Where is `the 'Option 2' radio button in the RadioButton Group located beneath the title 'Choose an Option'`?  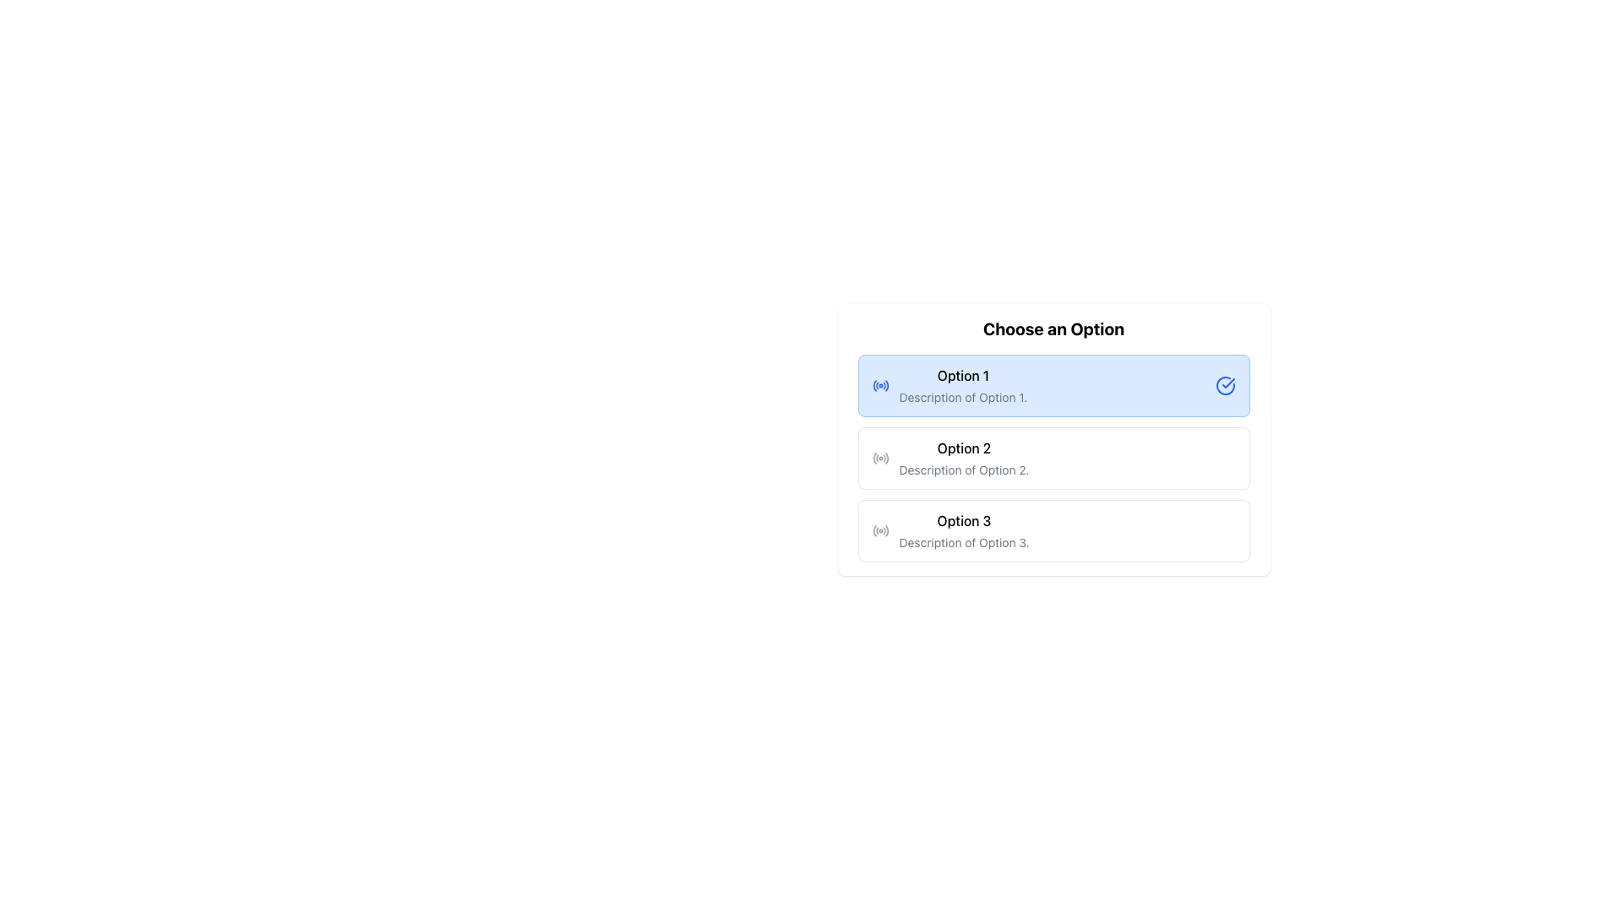 the 'Option 2' radio button in the RadioButton Group located beneath the title 'Choose an Option' is located at coordinates (1053, 459).